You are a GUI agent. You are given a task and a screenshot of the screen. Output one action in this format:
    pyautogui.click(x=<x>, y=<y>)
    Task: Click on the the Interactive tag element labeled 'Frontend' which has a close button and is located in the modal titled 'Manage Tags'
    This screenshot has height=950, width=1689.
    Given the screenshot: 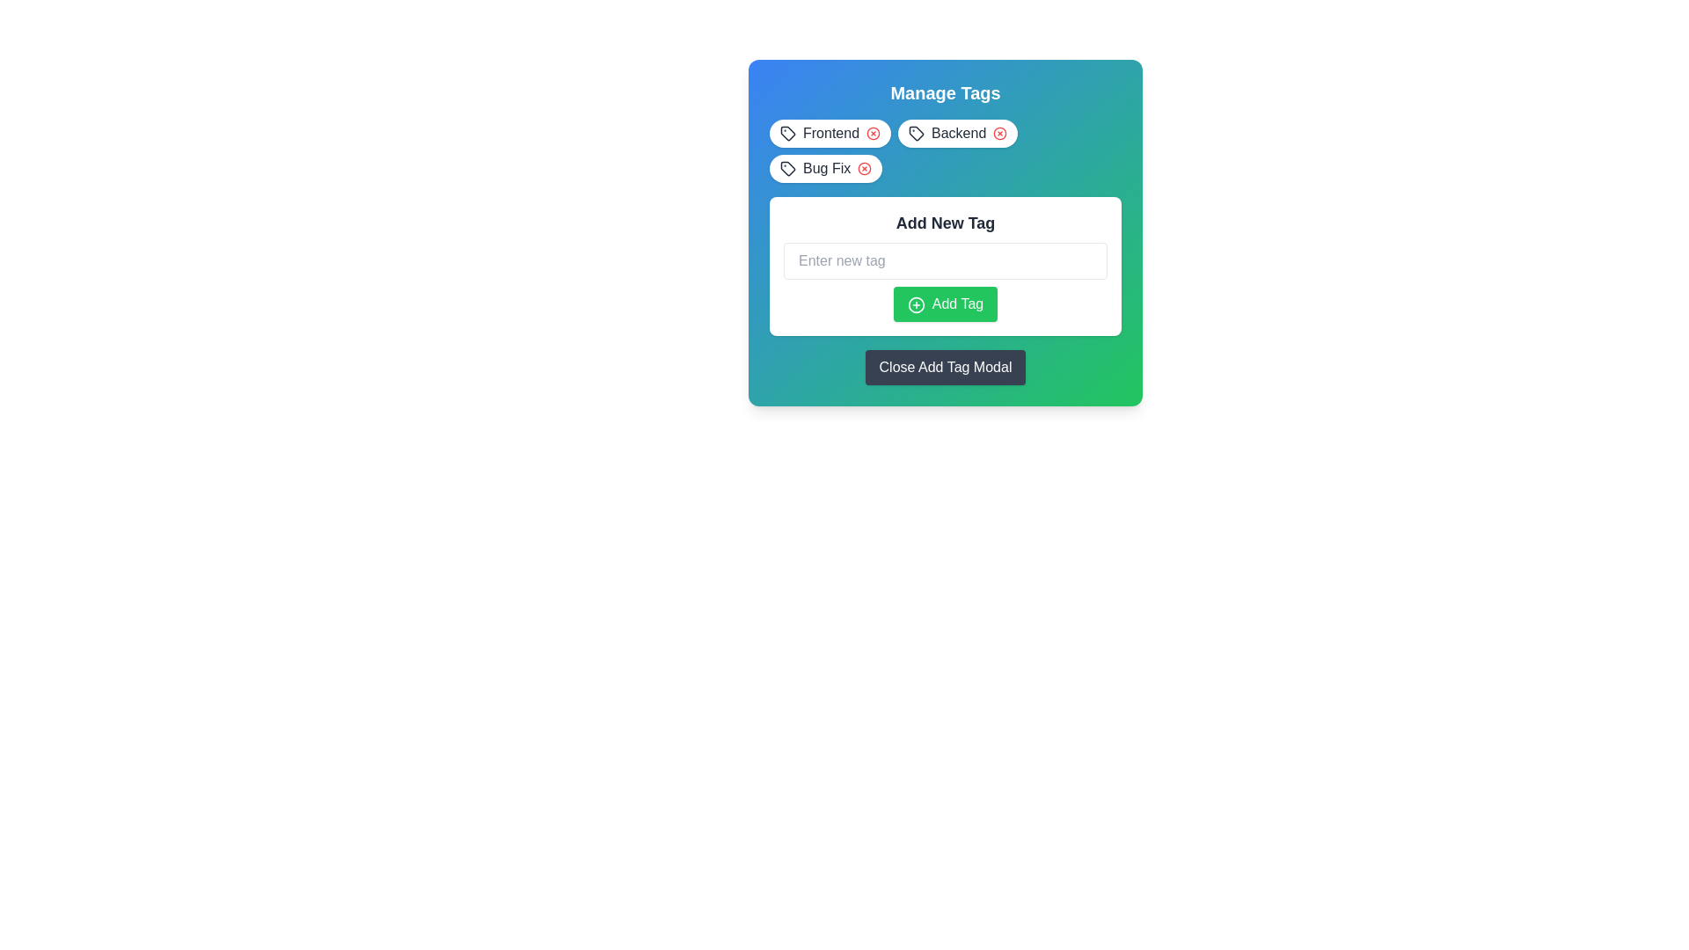 What is the action you would take?
    pyautogui.click(x=830, y=132)
    